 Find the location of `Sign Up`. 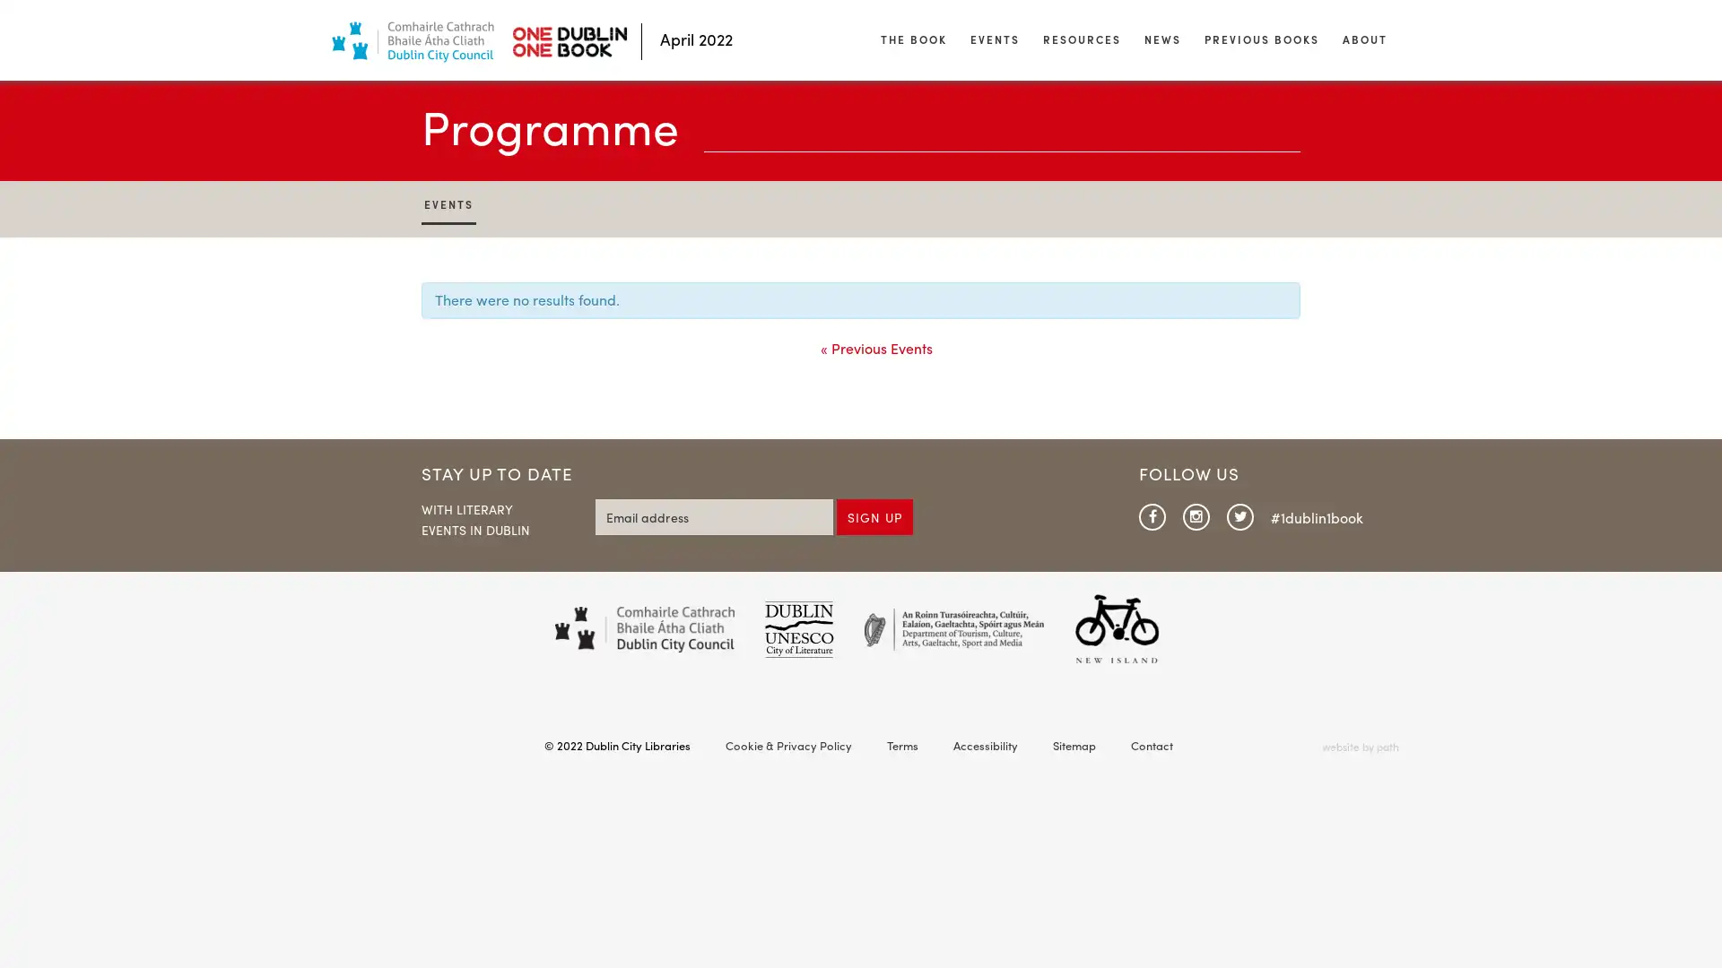

Sign Up is located at coordinates (874, 515).